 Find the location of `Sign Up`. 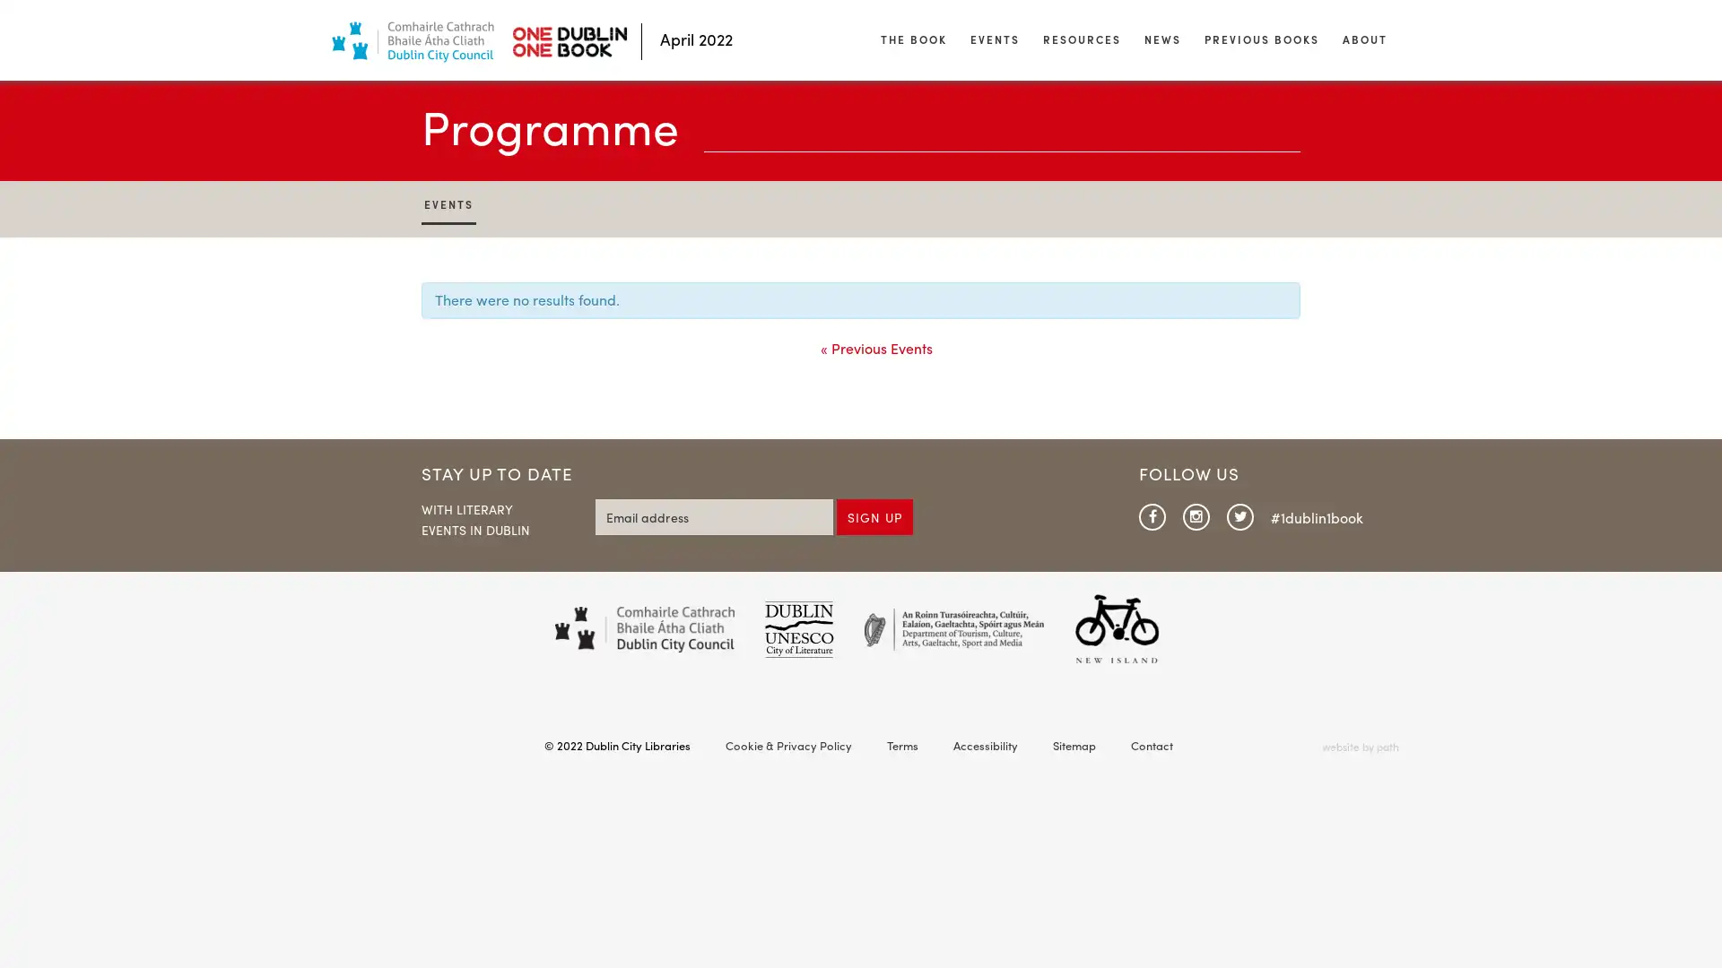

Sign Up is located at coordinates (874, 515).